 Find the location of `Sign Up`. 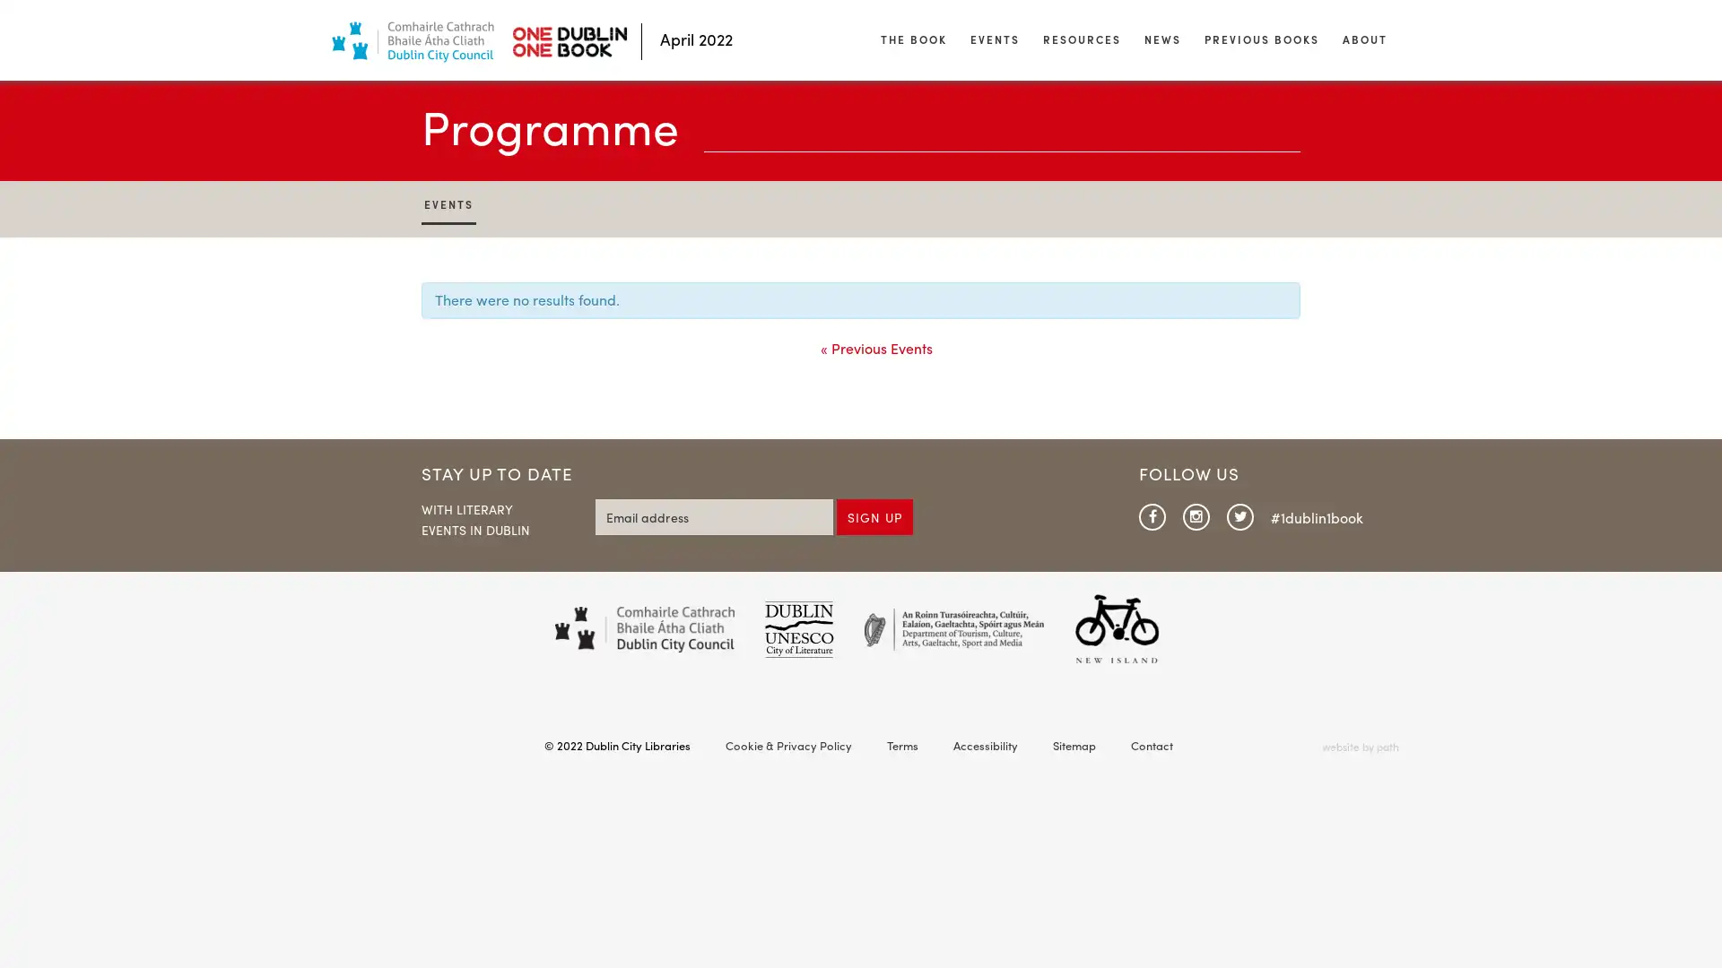

Sign Up is located at coordinates (874, 515).